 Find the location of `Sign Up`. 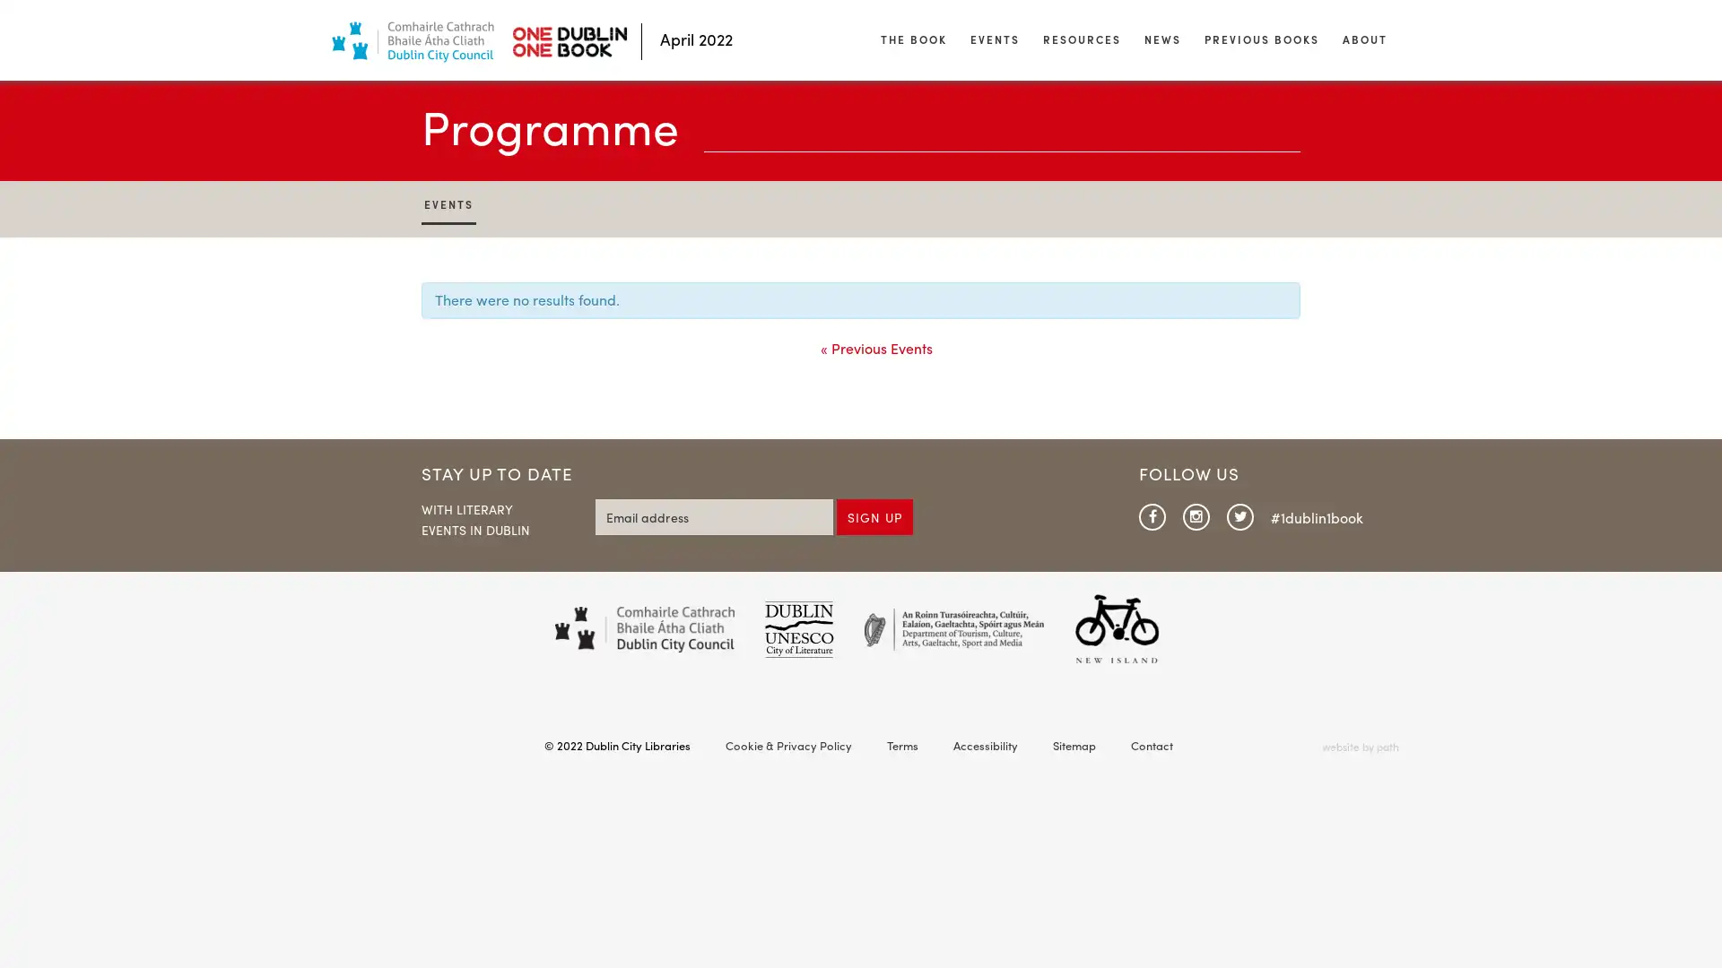

Sign Up is located at coordinates (874, 515).